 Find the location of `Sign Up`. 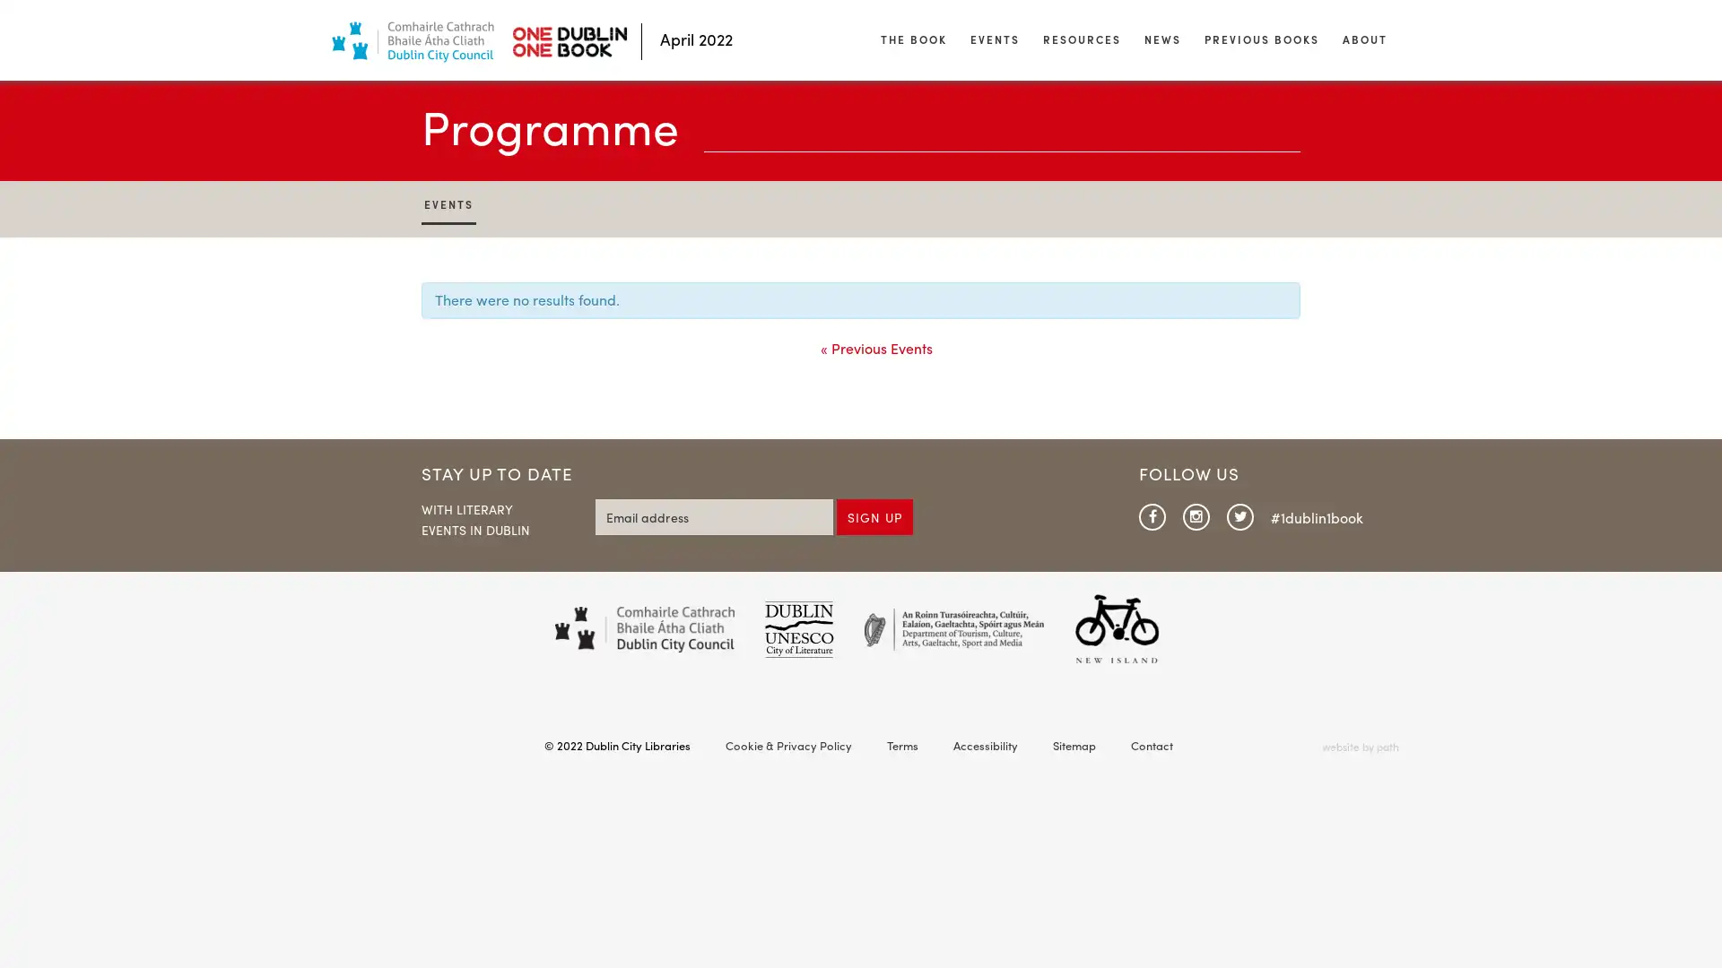

Sign Up is located at coordinates (874, 515).